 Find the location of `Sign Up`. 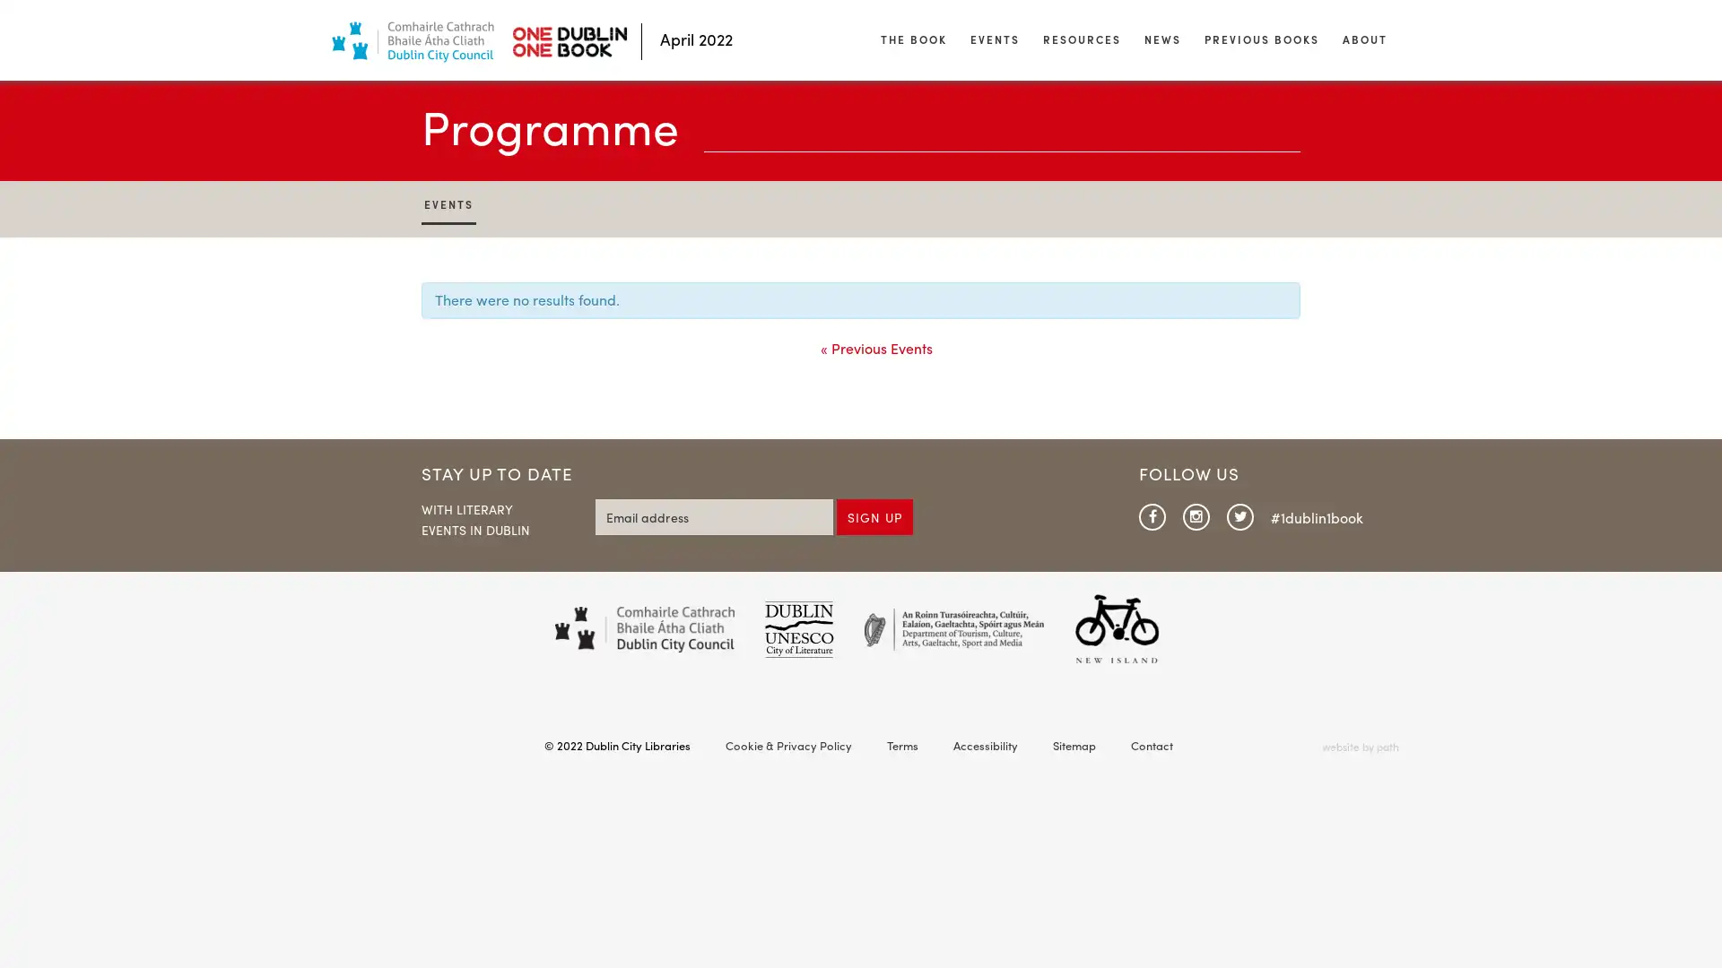

Sign Up is located at coordinates (874, 515).